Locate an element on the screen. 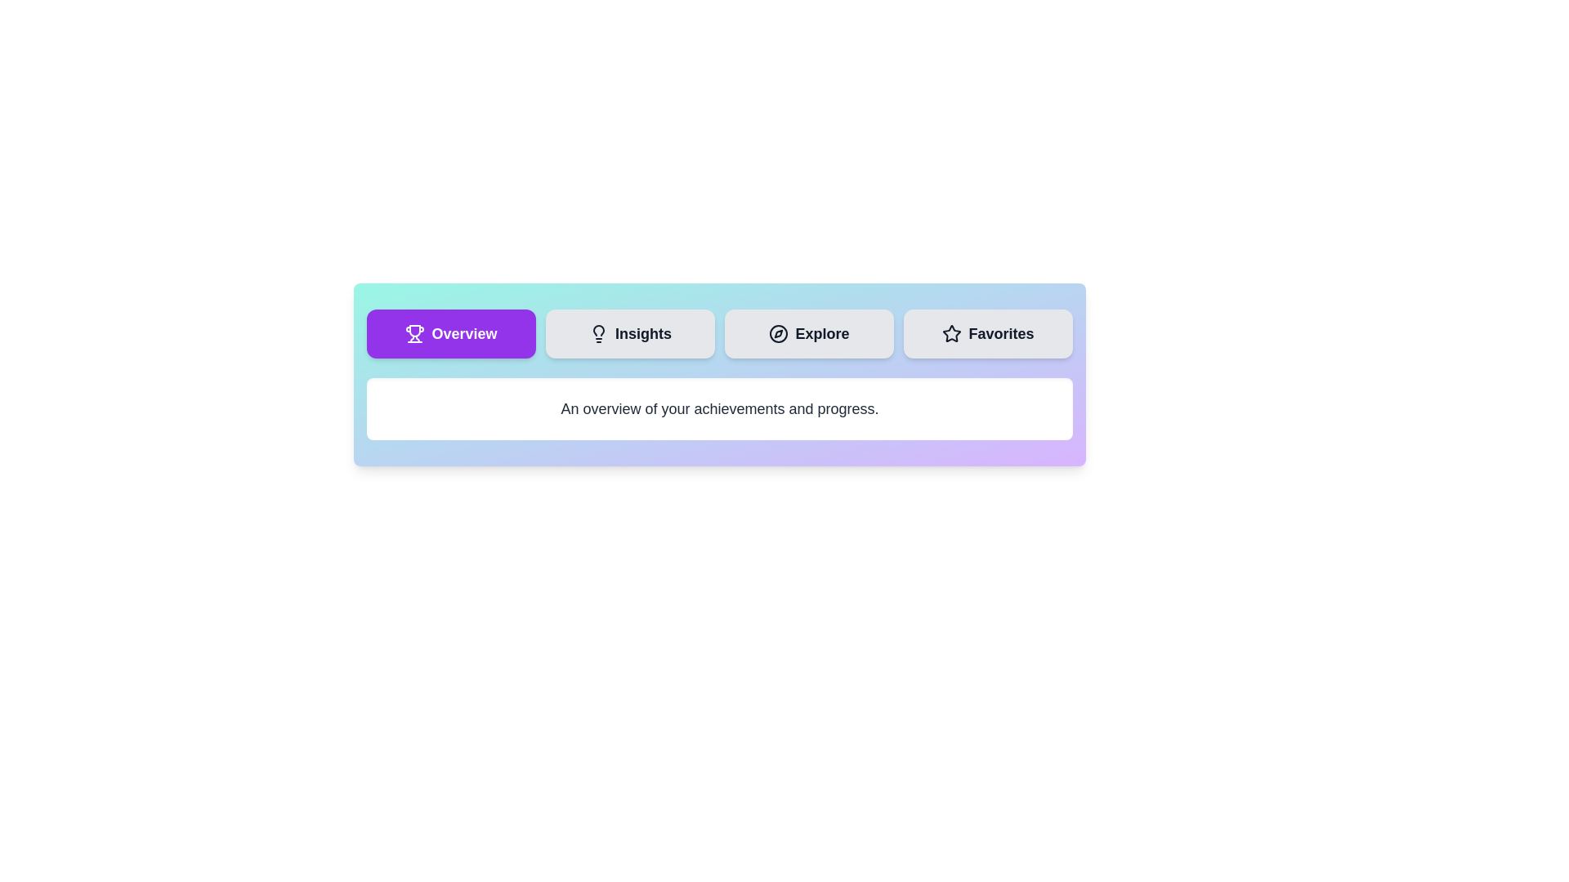  the Favorites tab to view its content is located at coordinates (987, 332).